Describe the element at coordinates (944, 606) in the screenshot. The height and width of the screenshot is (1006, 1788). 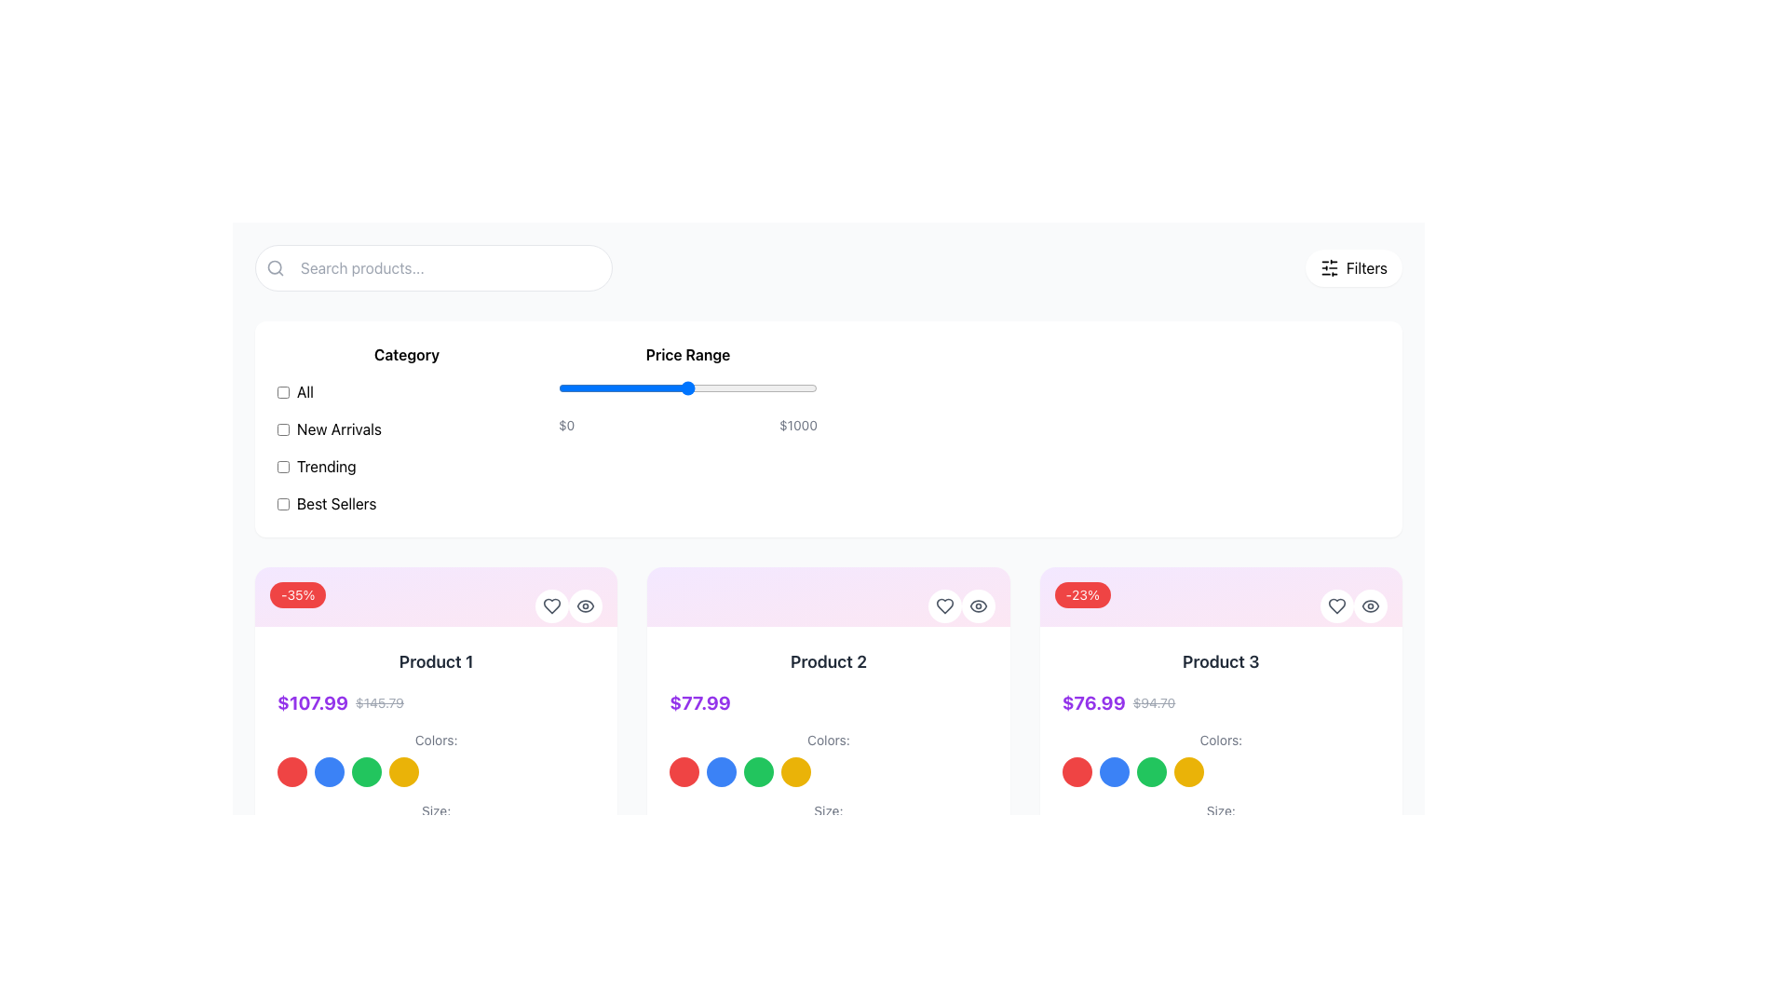
I see `the favorite icon in the top-right corner of the product card for 'Product 2' to mark it as a favorite` at that location.